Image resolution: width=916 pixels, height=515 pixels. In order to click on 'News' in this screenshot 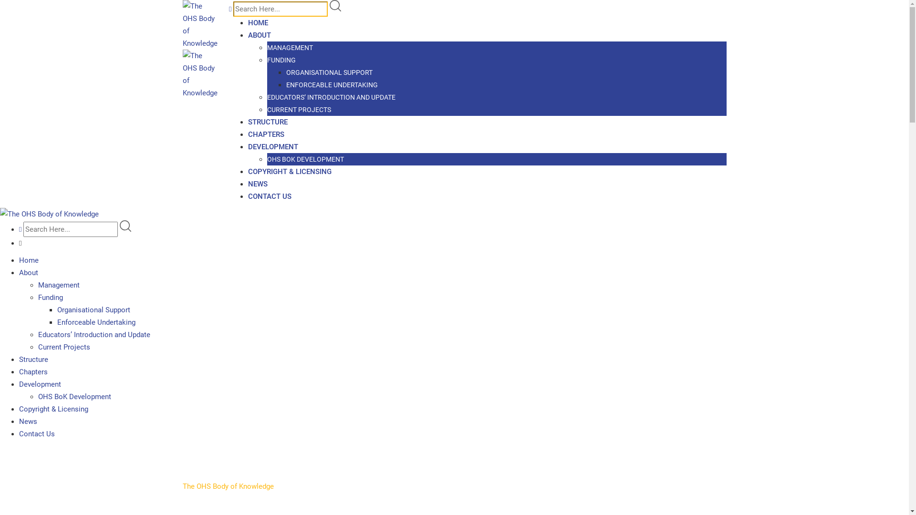, I will do `click(28, 421)`.